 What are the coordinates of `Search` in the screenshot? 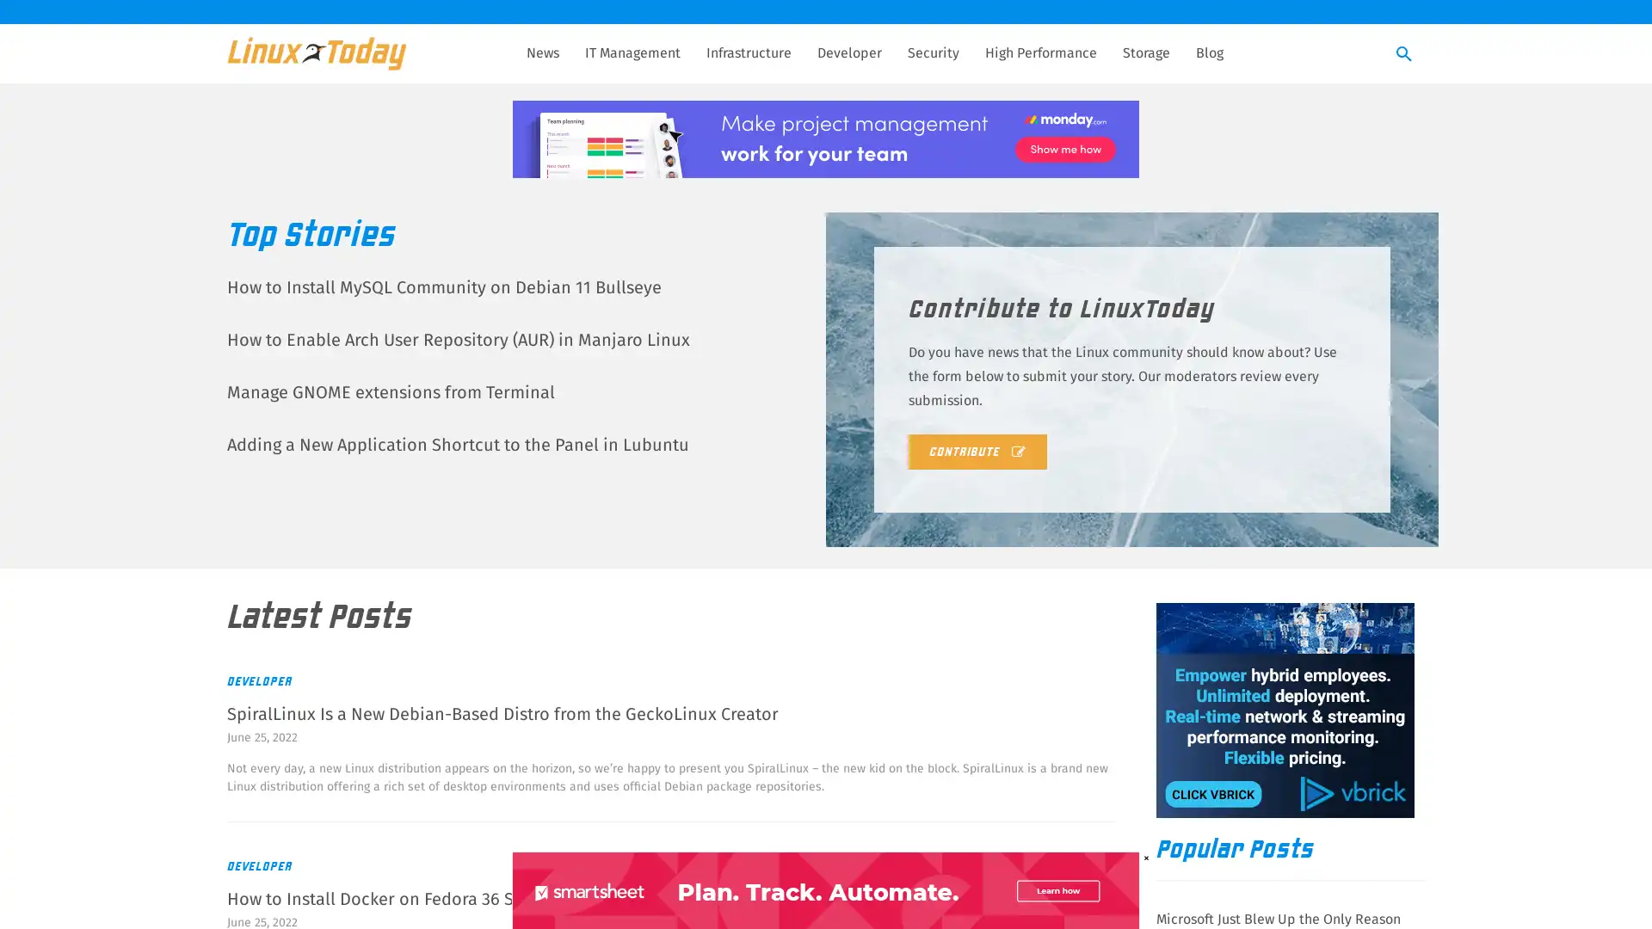 It's located at (1404, 54).